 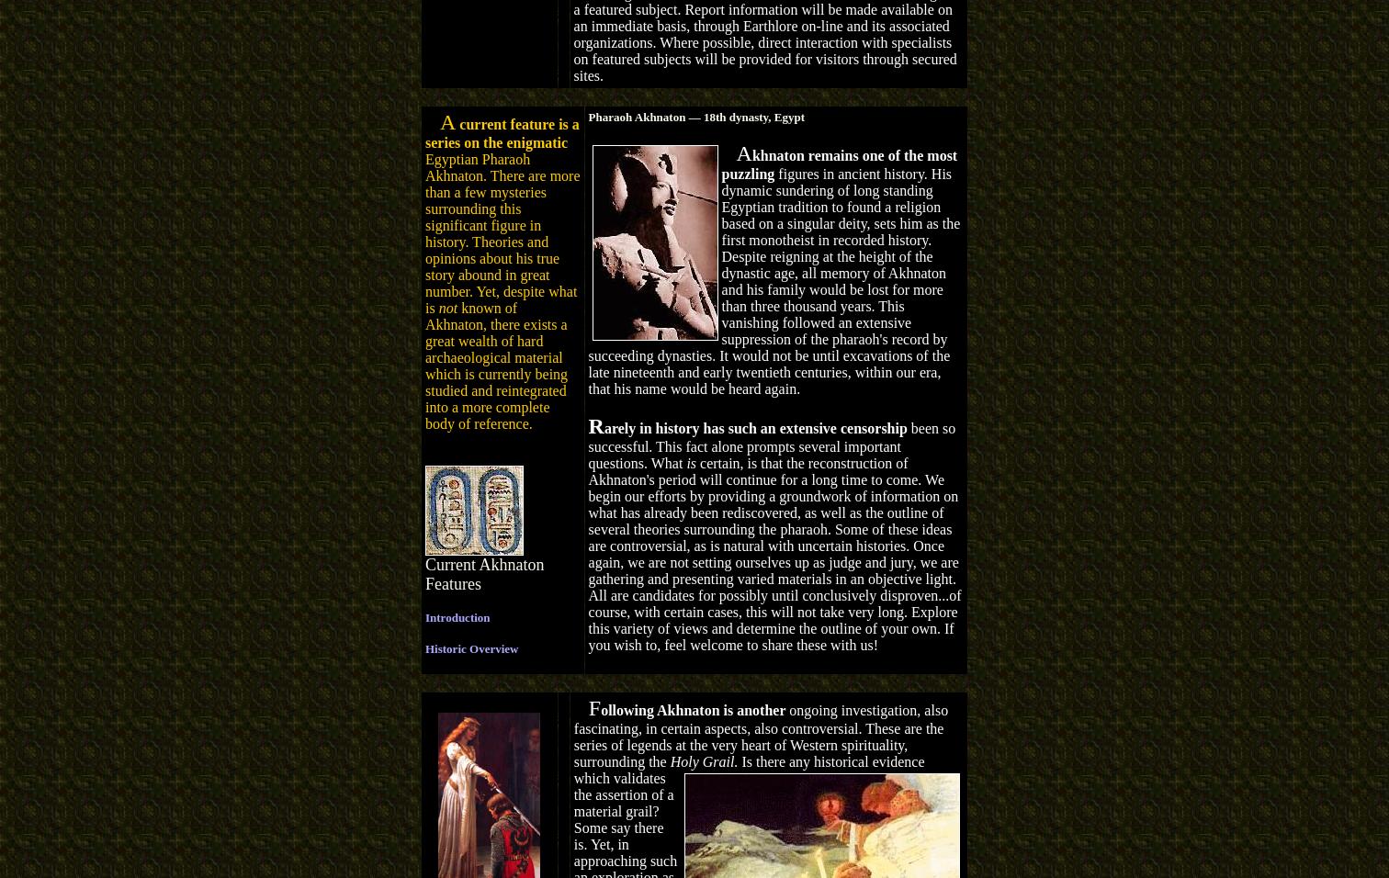 What do you see at coordinates (503, 231) in the screenshot?
I see `'Egyptian Pharaoh 
        Akhnaton. There are more than a few mysteries surrounding this significant 
        figure in history. Theories and opinions about his true story abound 
        in great number. Yet, despite what is'` at bounding box center [503, 231].